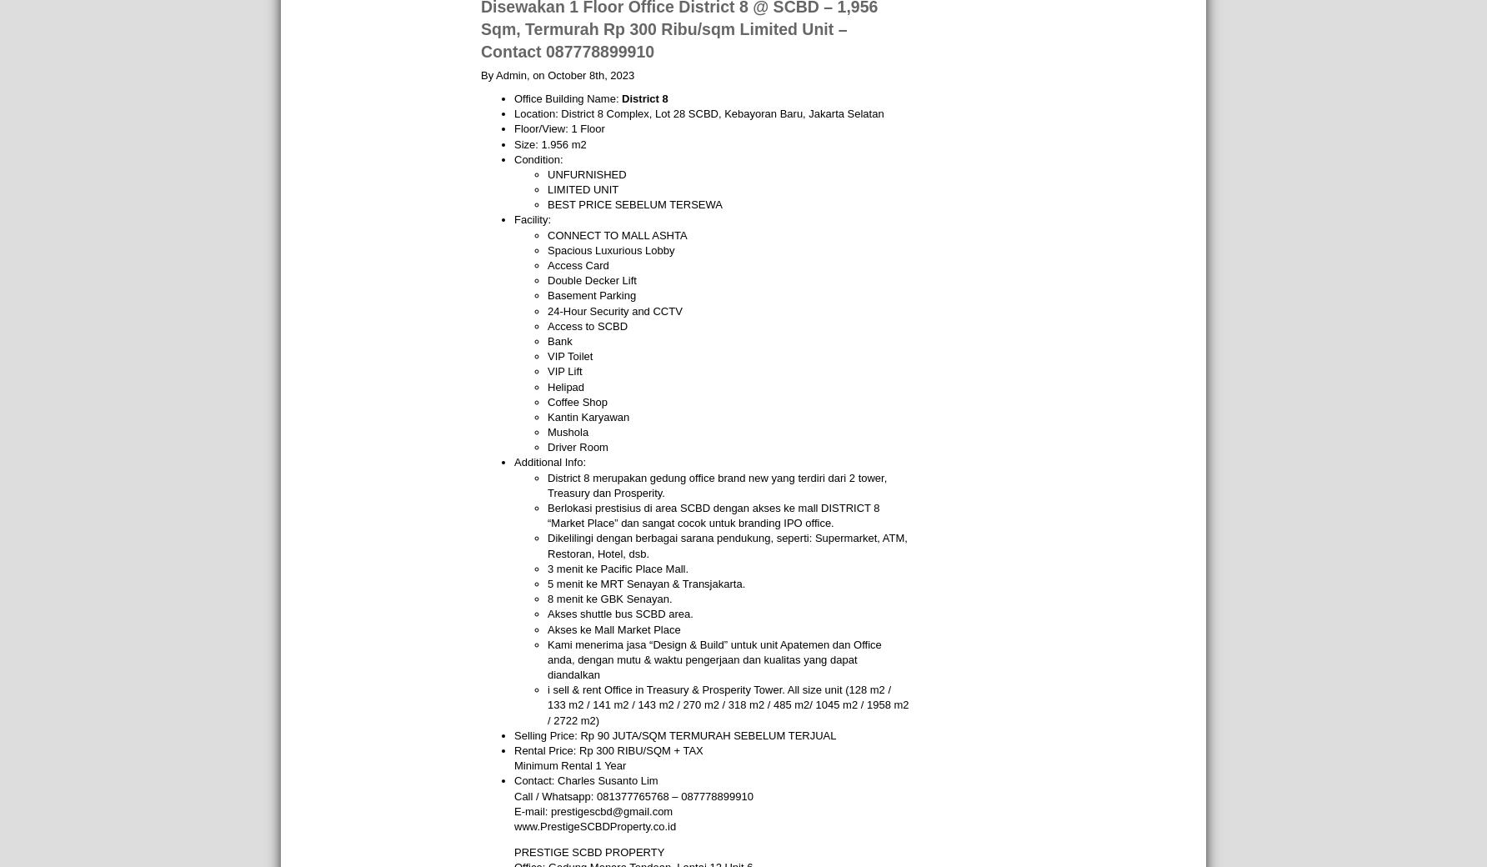 This screenshot has height=867, width=1487. Describe the element at coordinates (609, 599) in the screenshot. I see `'8 menit ke GBK Senayan.'` at that location.